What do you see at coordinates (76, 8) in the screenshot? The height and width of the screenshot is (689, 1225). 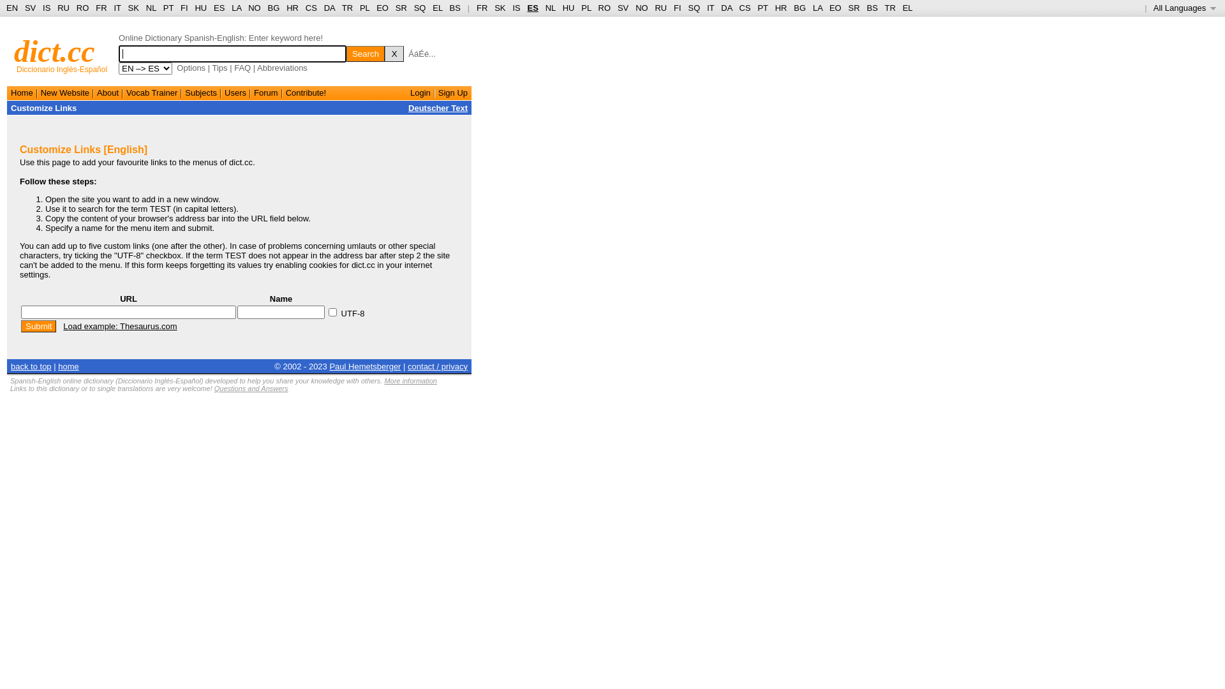 I see `'RO'` at bounding box center [76, 8].